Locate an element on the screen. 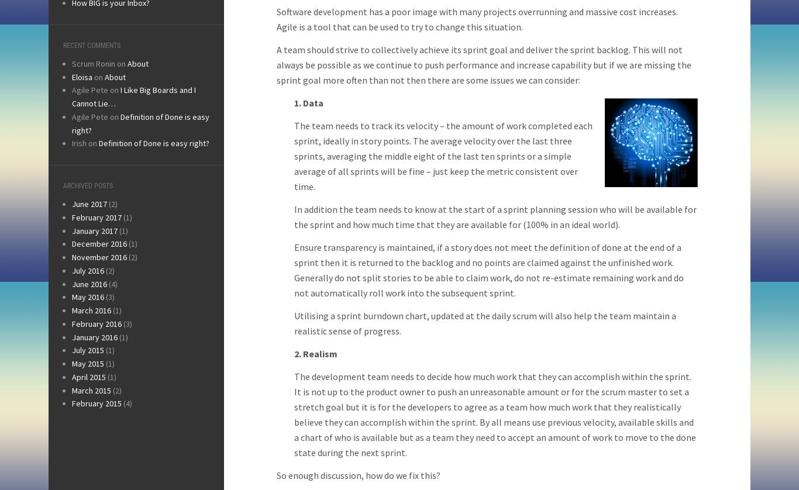 The image size is (799, 490). 'December 2016' is located at coordinates (99, 243).